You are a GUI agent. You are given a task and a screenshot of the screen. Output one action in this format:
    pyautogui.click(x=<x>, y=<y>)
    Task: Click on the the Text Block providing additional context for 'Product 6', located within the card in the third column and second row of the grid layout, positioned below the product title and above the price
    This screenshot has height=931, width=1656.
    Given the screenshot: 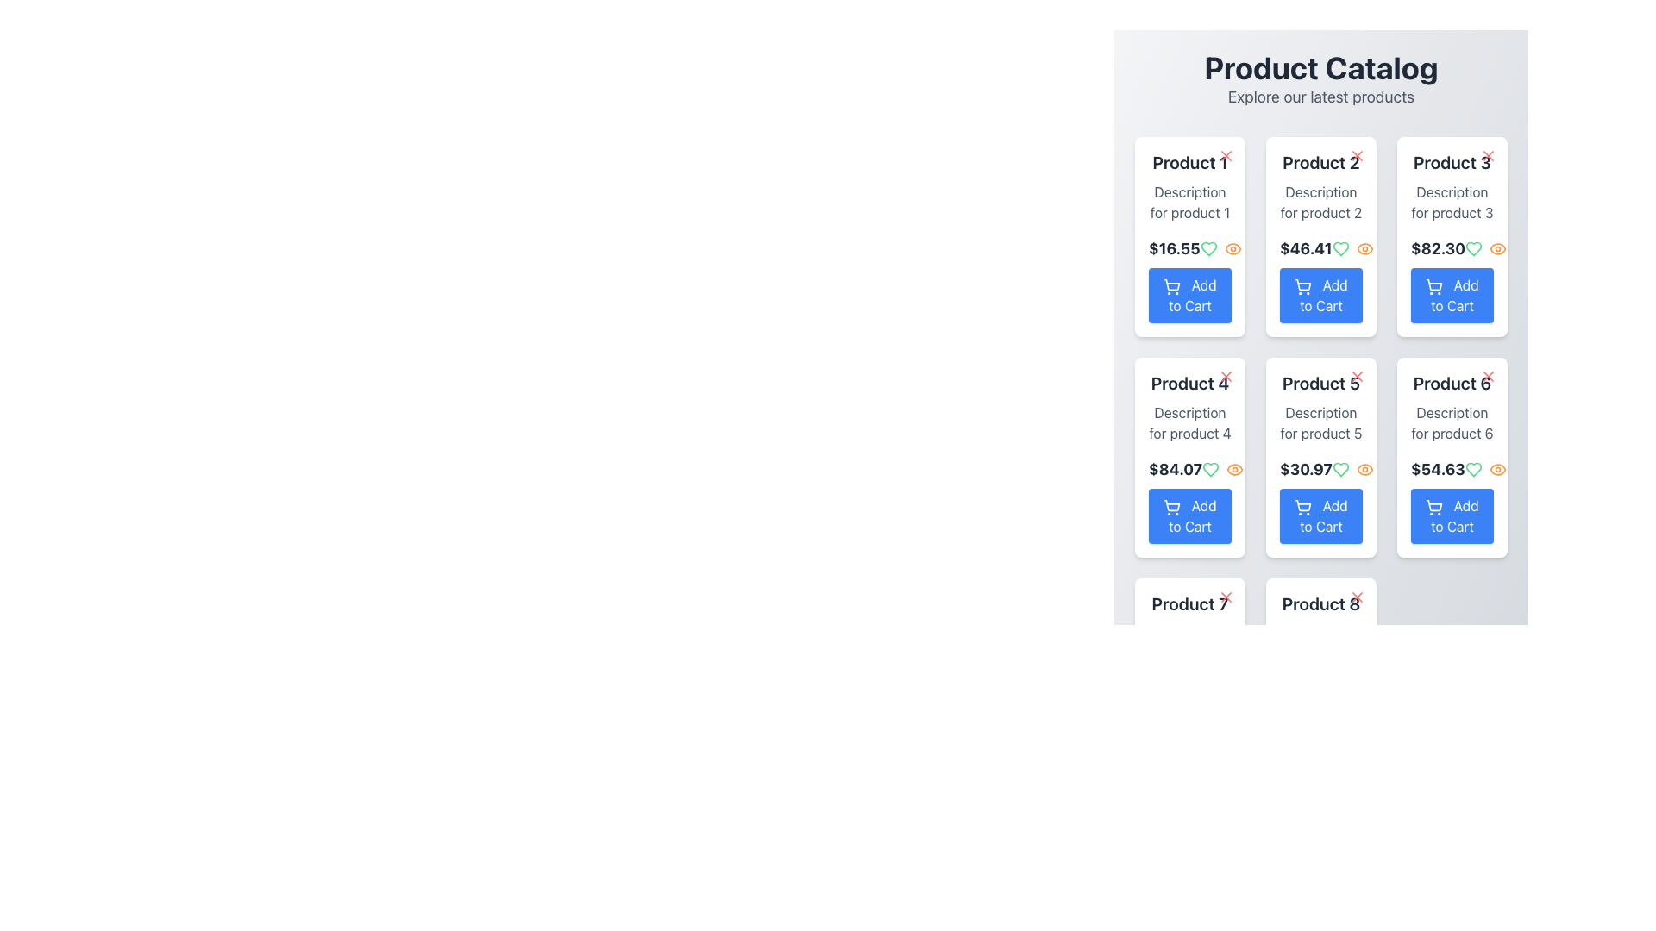 What is the action you would take?
    pyautogui.click(x=1452, y=422)
    